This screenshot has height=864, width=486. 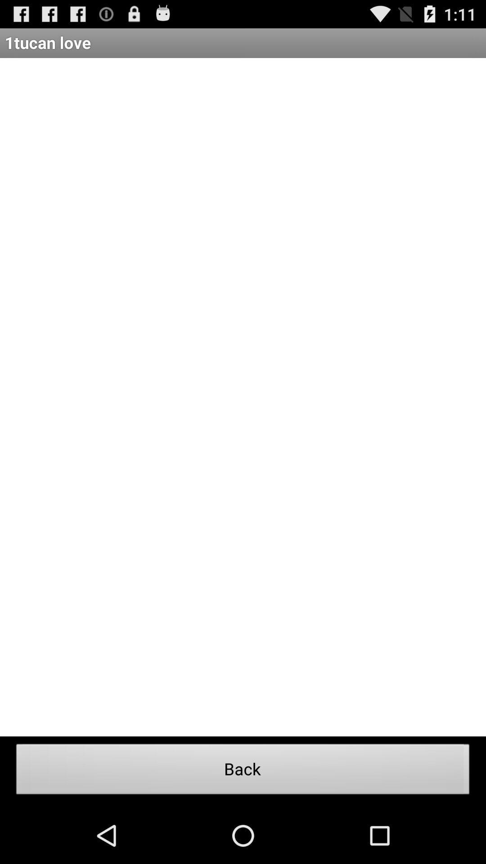 What do you see at coordinates (243, 396) in the screenshot?
I see `icon at the center` at bounding box center [243, 396].